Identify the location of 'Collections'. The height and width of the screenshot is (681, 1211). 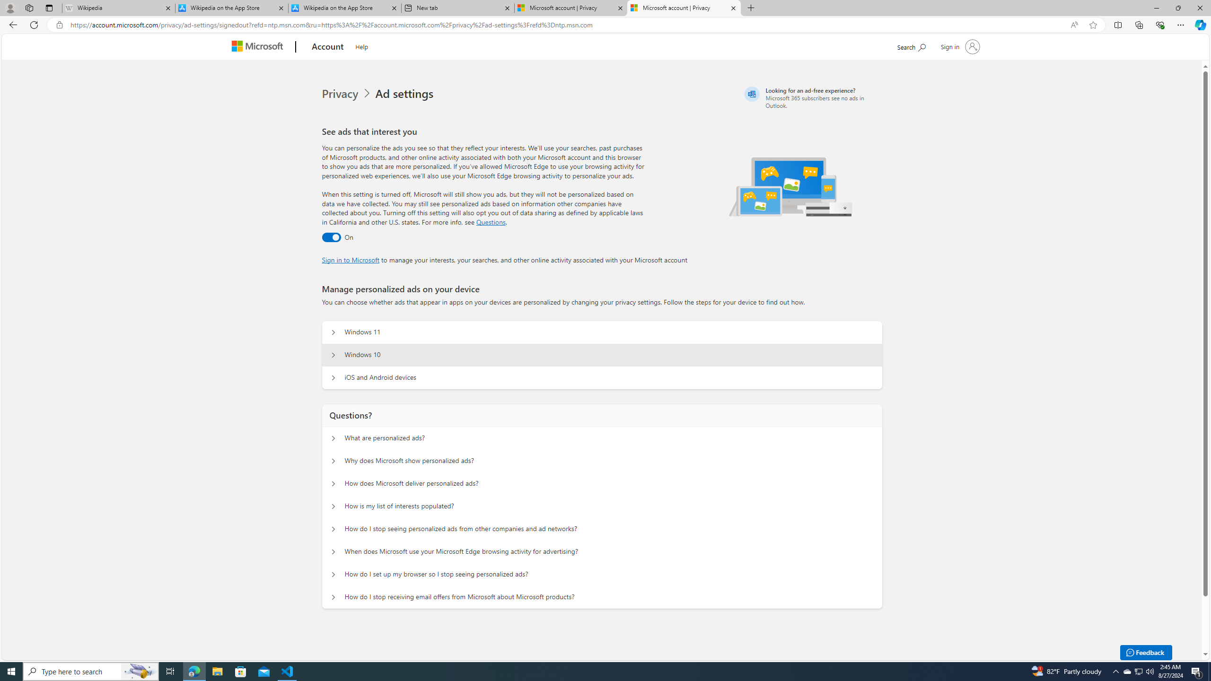
(1138, 24).